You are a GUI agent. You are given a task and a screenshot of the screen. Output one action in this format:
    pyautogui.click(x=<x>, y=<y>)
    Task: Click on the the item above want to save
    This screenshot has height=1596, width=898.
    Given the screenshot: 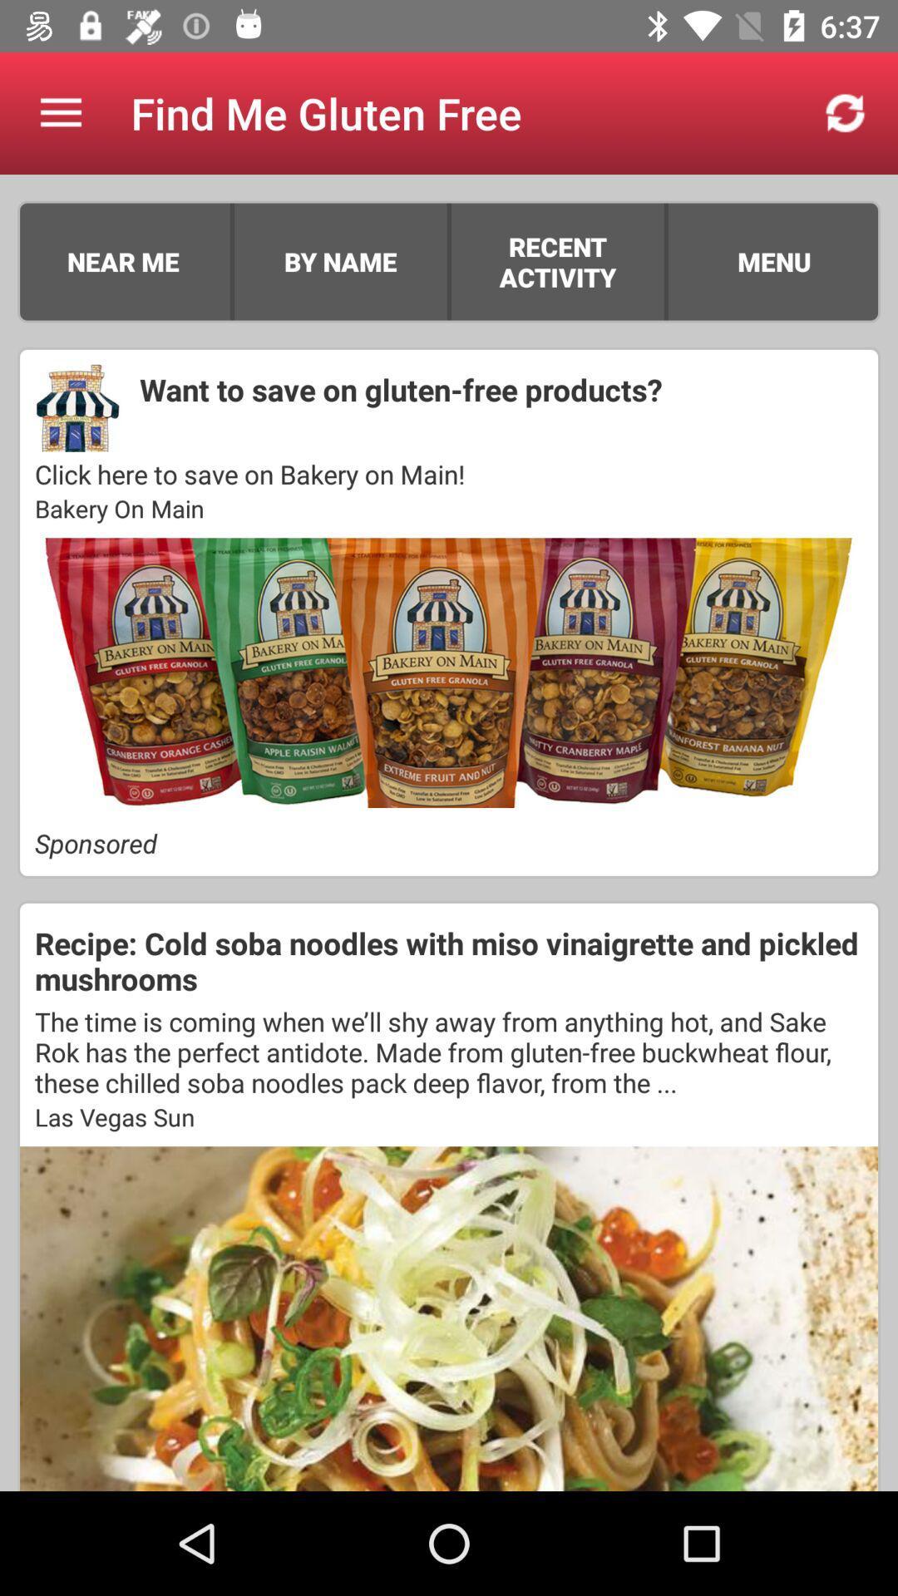 What is the action you would take?
    pyautogui.click(x=665, y=261)
    